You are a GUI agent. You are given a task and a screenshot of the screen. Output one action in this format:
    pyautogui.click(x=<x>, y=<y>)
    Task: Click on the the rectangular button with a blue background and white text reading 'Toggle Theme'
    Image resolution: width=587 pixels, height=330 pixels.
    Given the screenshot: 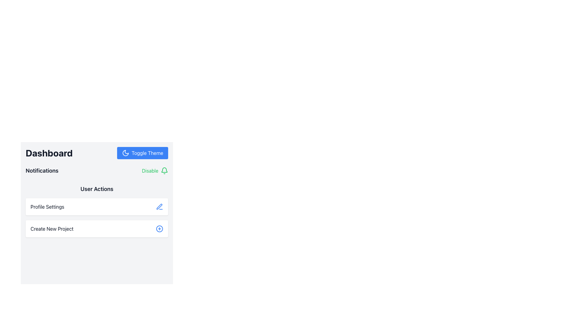 What is the action you would take?
    pyautogui.click(x=142, y=153)
    